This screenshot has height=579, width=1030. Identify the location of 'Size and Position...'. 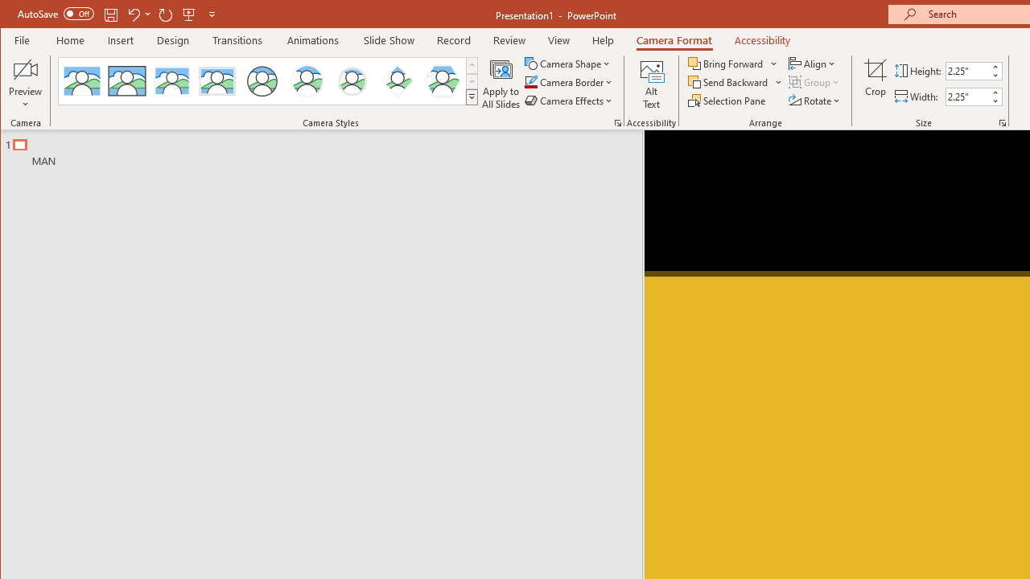
(1002, 122).